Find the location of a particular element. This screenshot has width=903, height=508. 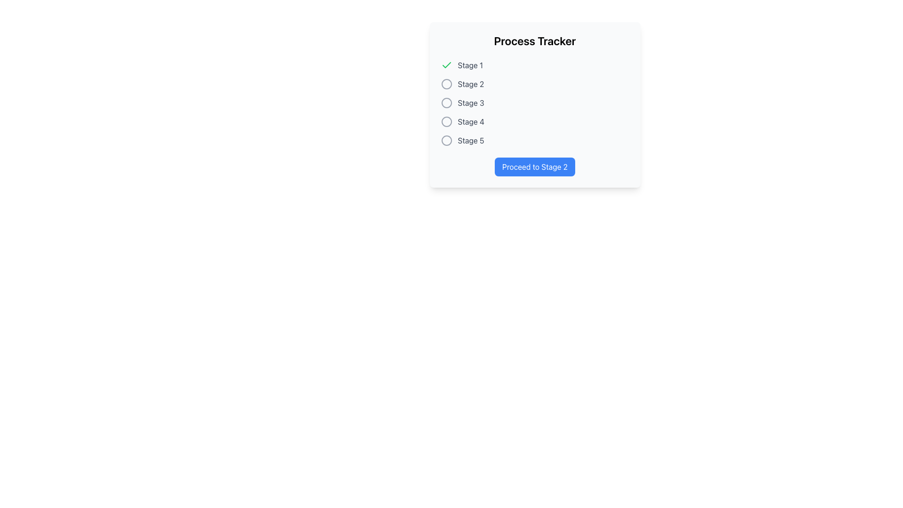

the text label displaying 'Process Tracker', which is prominently positioned at the top of its card-like area is located at coordinates (535, 40).